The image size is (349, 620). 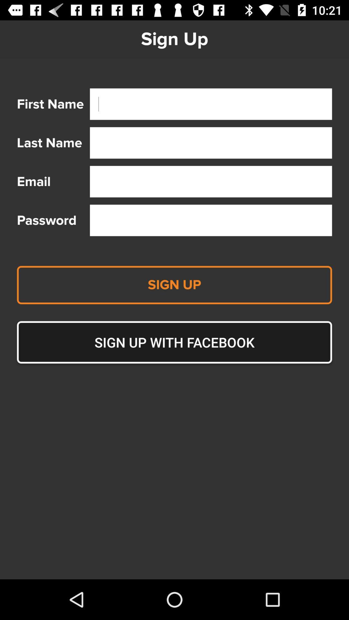 I want to click on the icon above sign up icon, so click(x=211, y=220).